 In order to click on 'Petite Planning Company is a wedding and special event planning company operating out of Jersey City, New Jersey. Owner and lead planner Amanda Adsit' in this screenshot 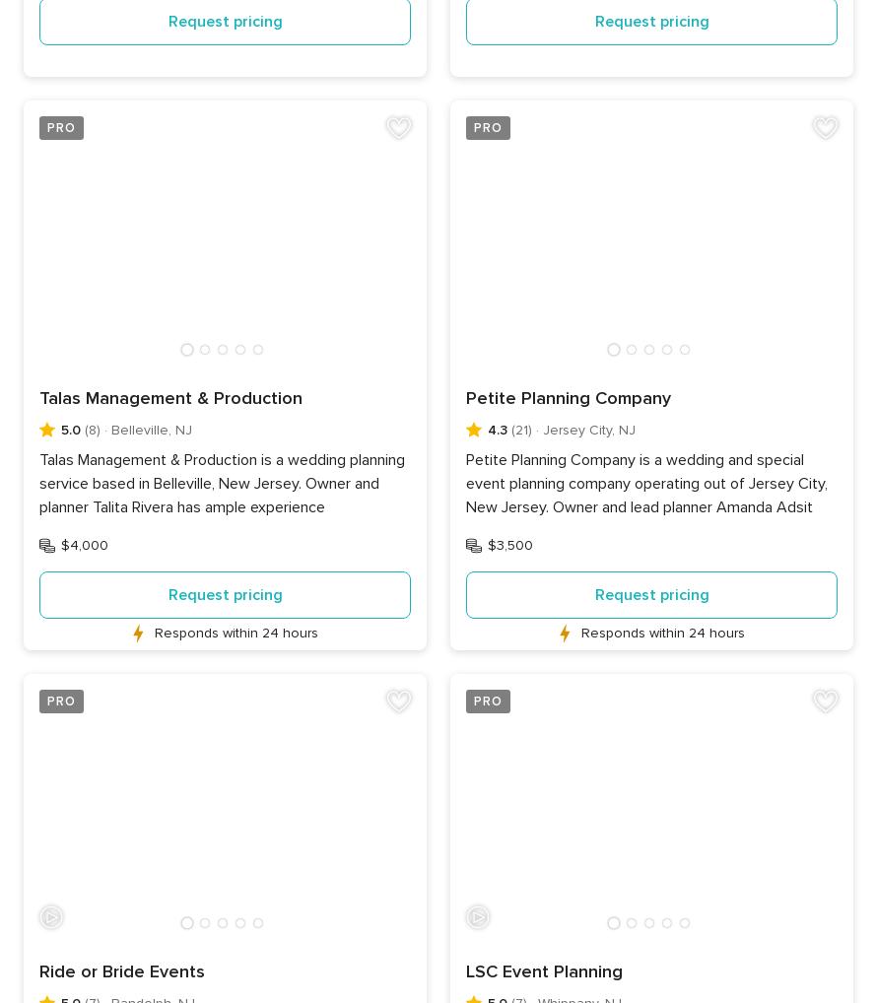, I will do `click(646, 483)`.